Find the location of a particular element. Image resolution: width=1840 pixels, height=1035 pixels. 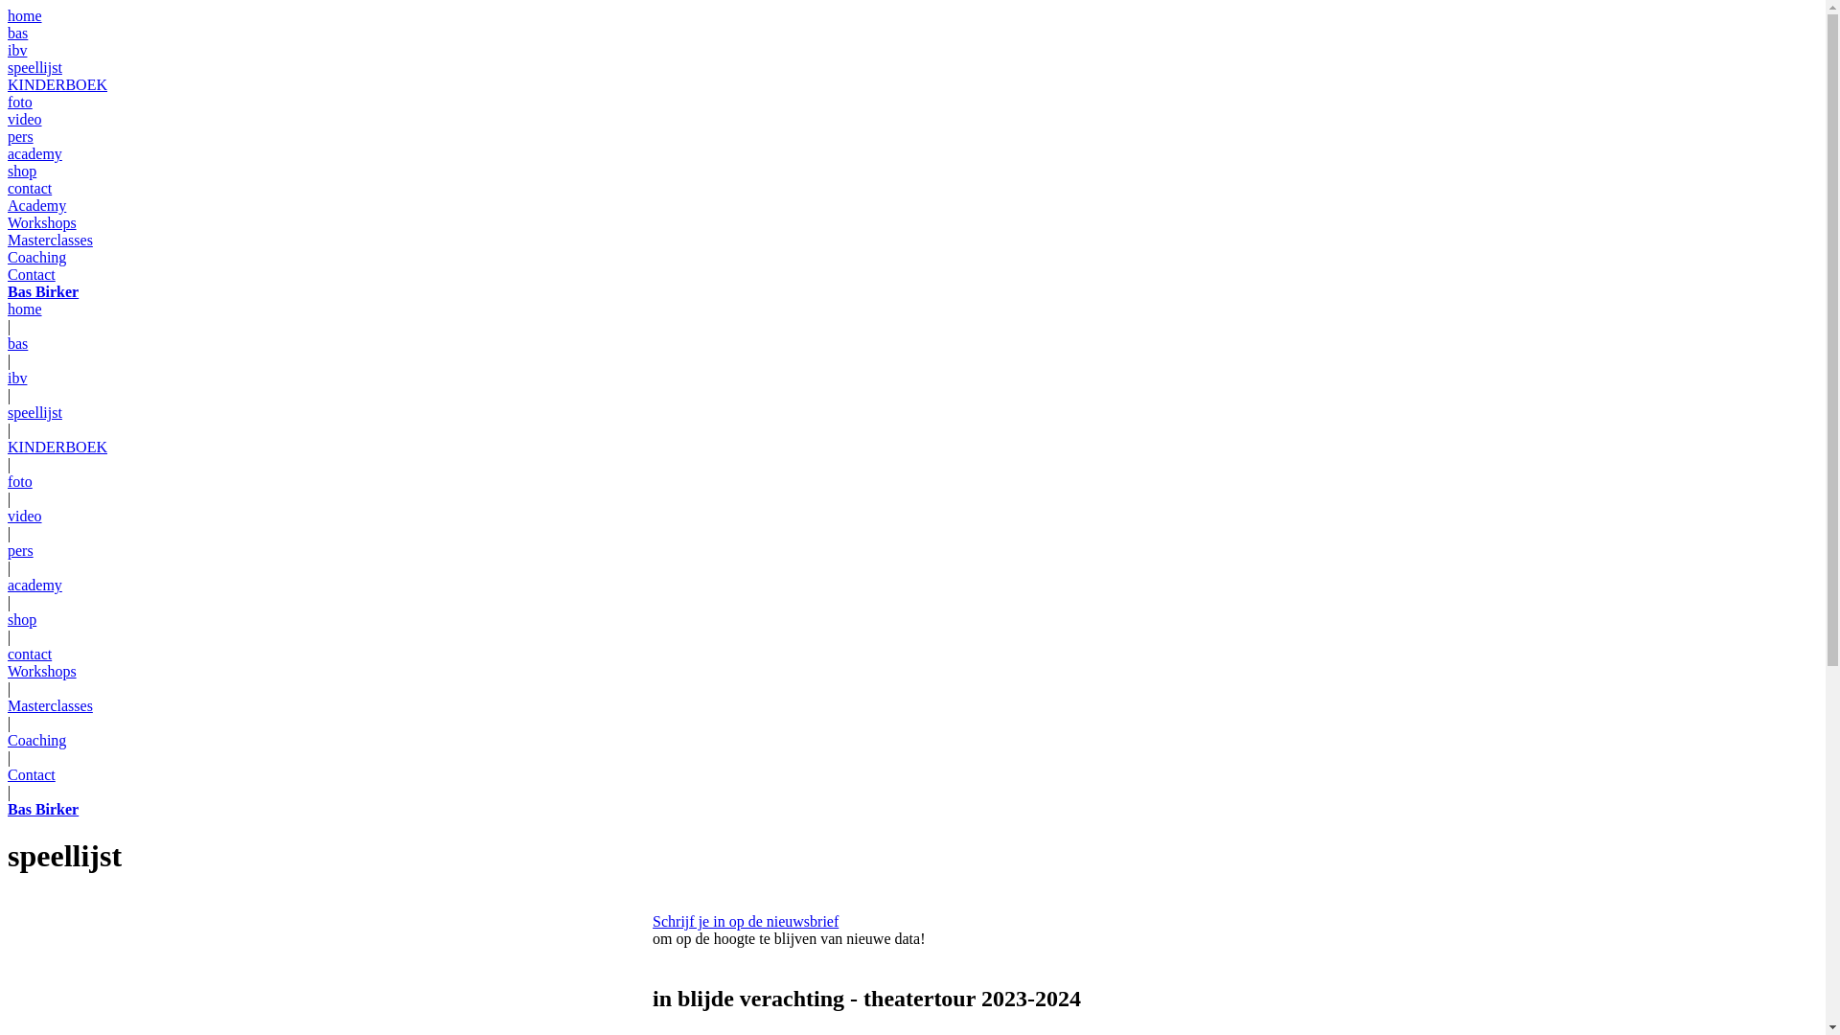

'home' is located at coordinates (24, 308).